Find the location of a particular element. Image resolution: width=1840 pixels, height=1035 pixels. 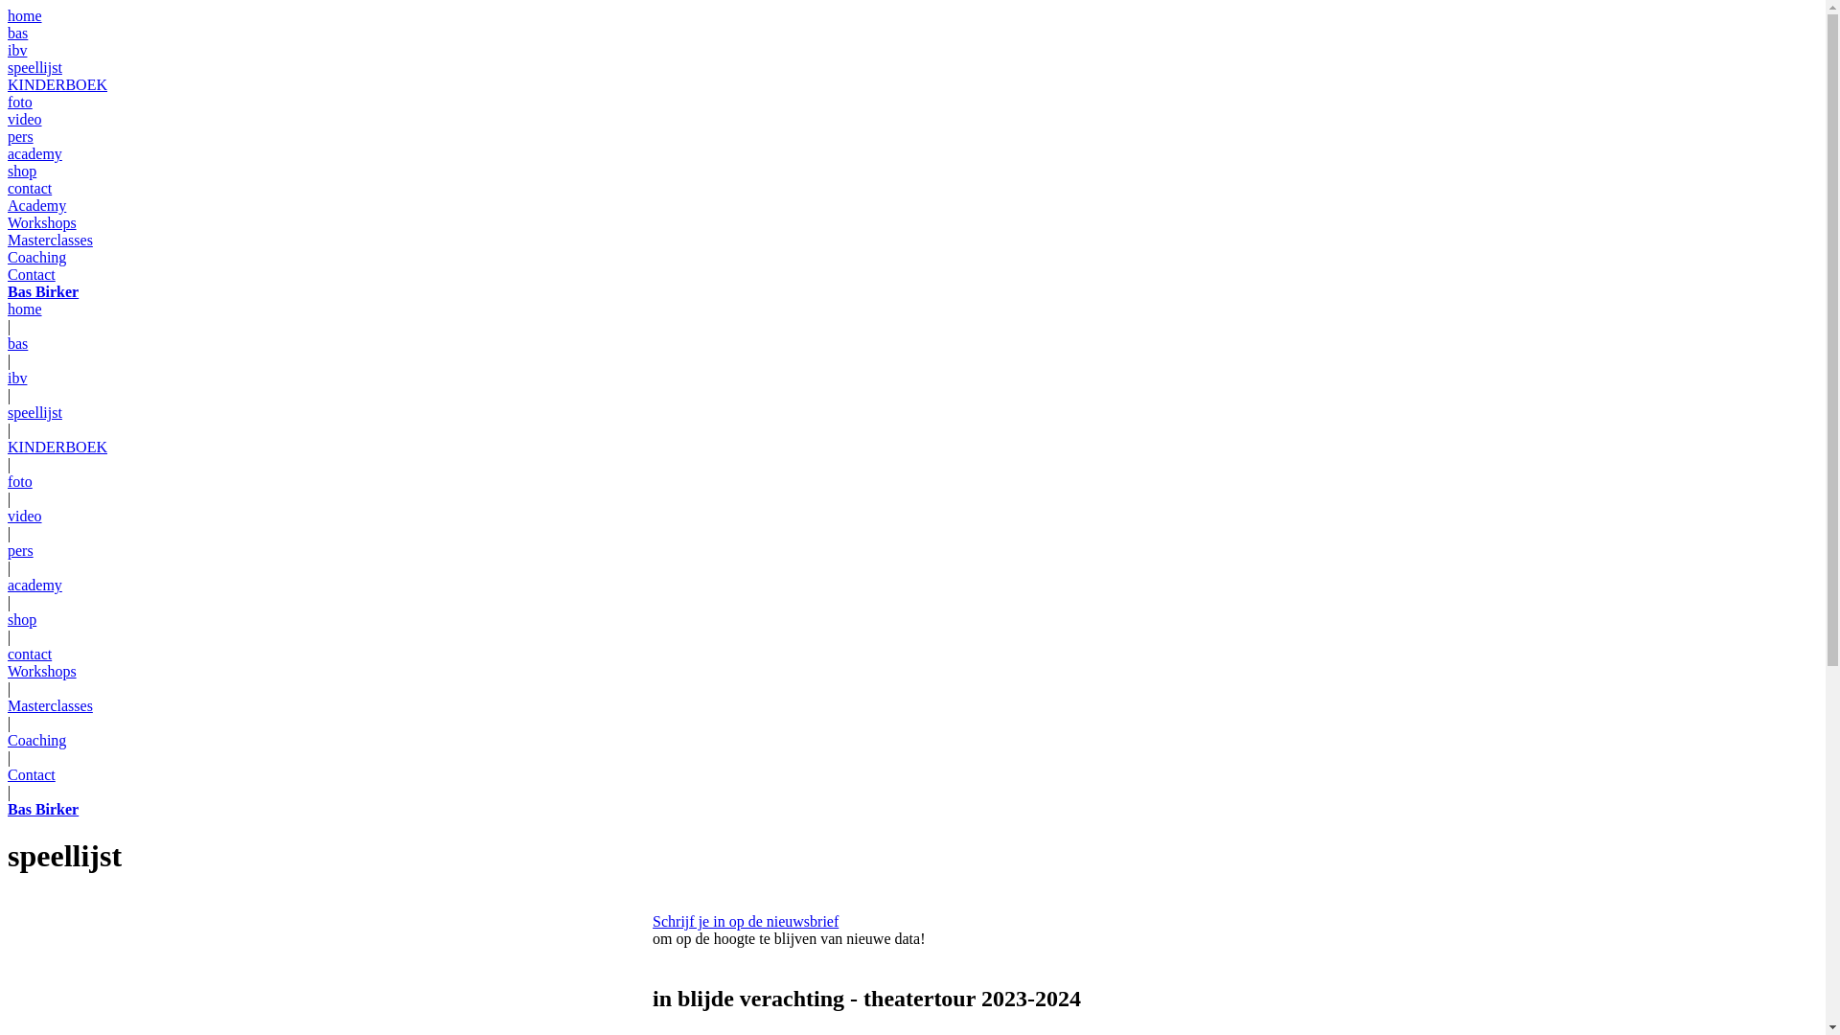

'home' is located at coordinates (24, 308).